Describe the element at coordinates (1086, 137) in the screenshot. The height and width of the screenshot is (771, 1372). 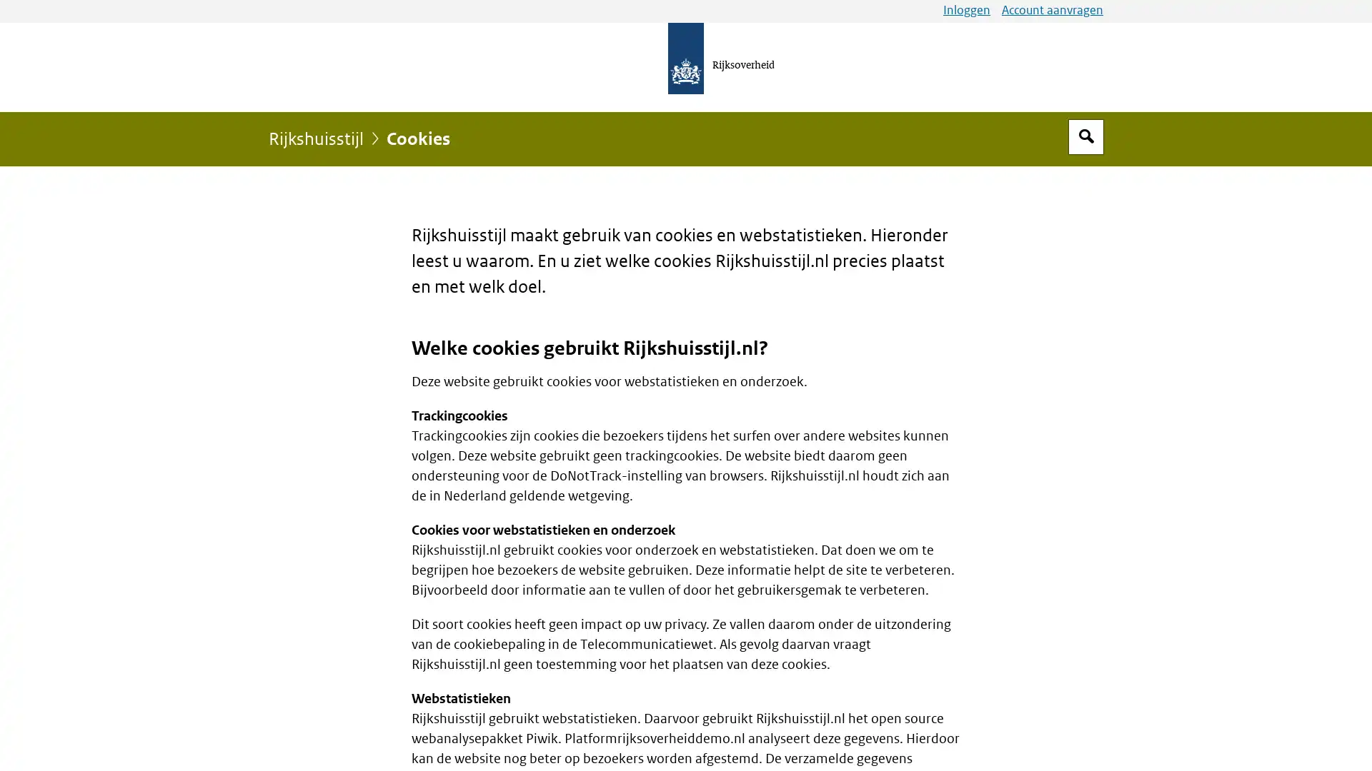
I see `Open zoekveld` at that location.